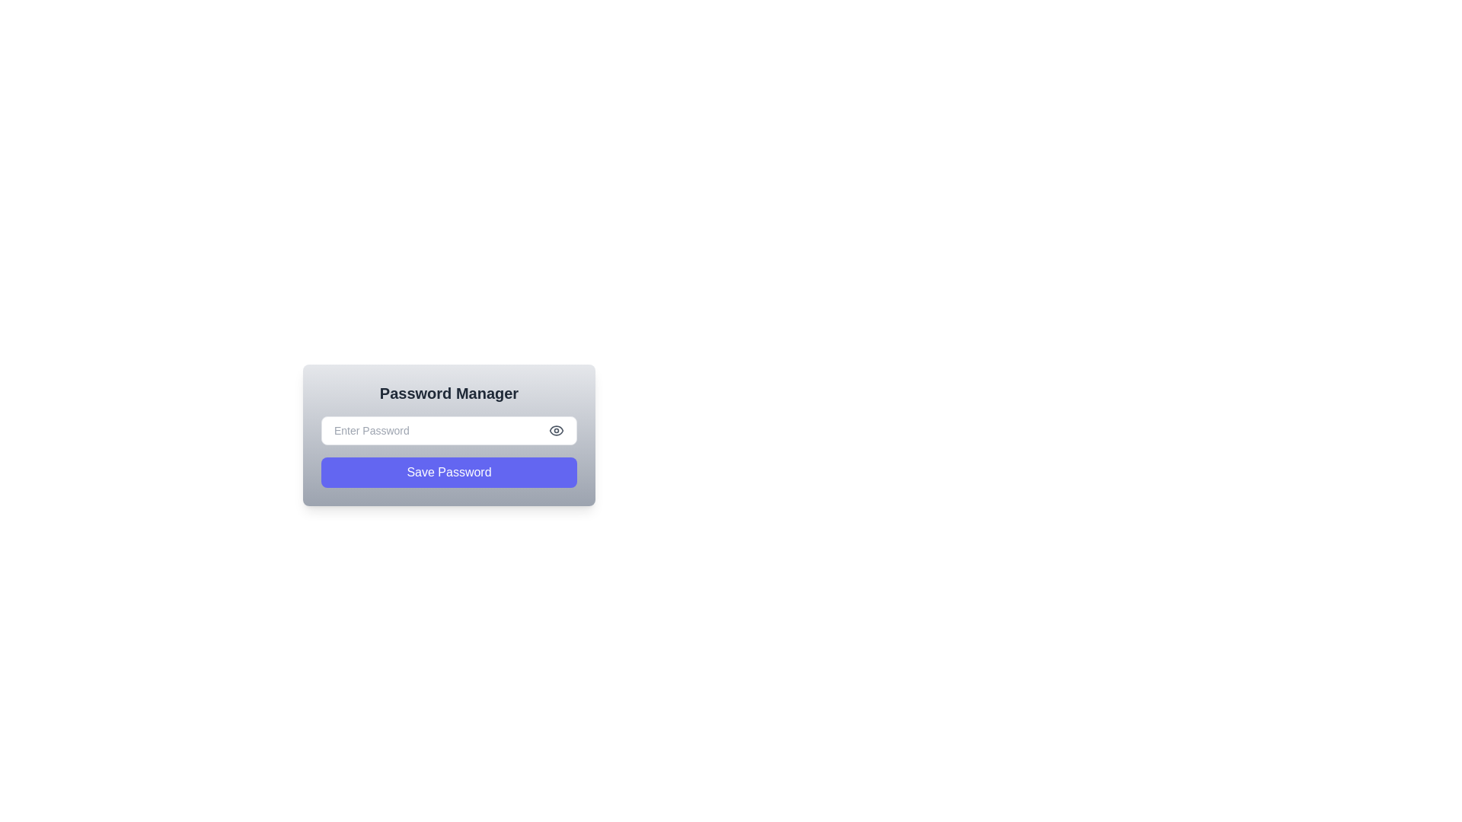  Describe the element at coordinates (448, 472) in the screenshot. I see `the 'Save Password' button located at the bottom of the 'Password Manager' card` at that location.